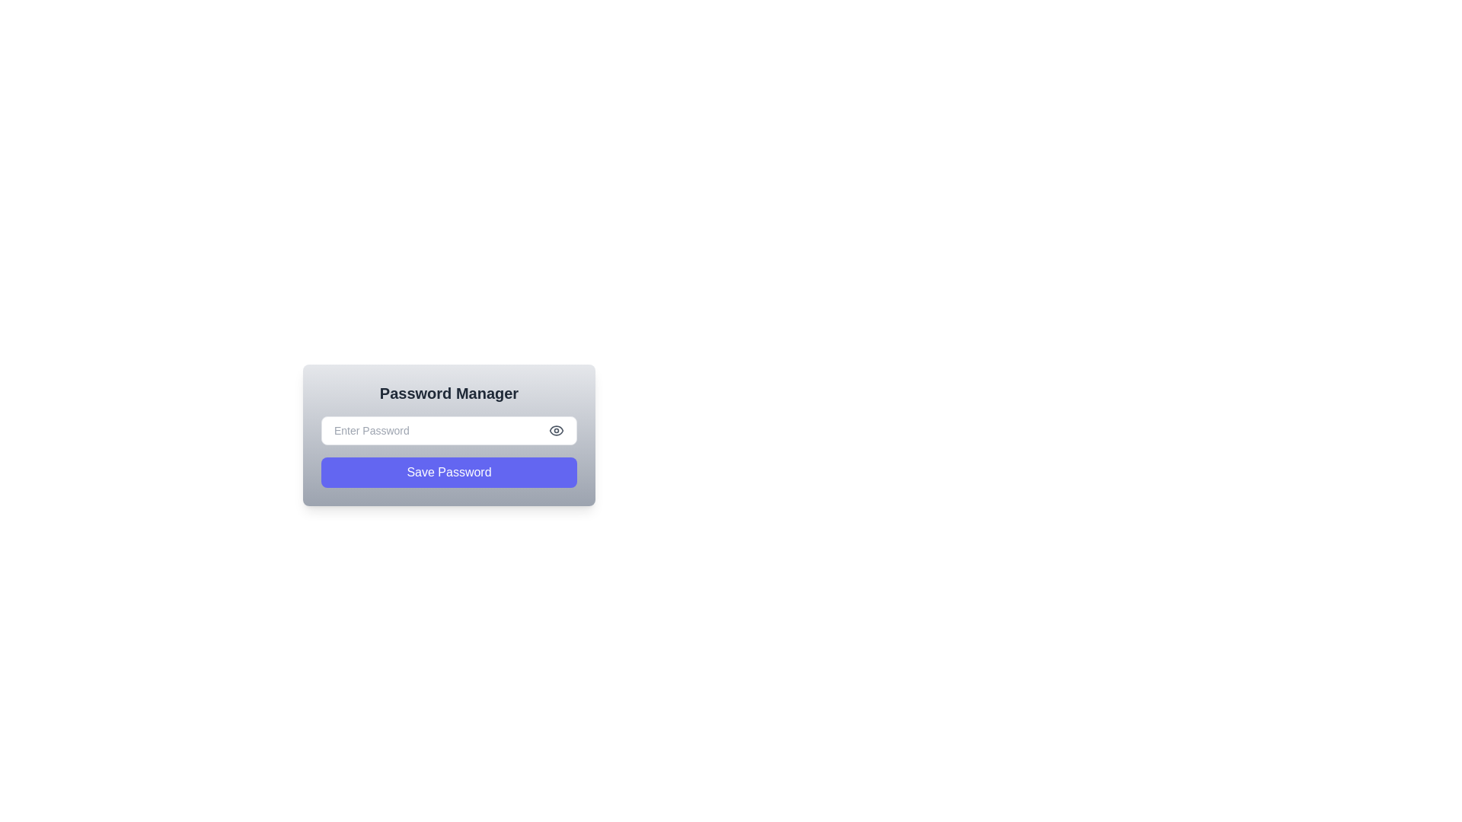  Describe the element at coordinates (448, 472) in the screenshot. I see `the 'Save Password' button located at the bottom of the 'Password Manager' card` at that location.